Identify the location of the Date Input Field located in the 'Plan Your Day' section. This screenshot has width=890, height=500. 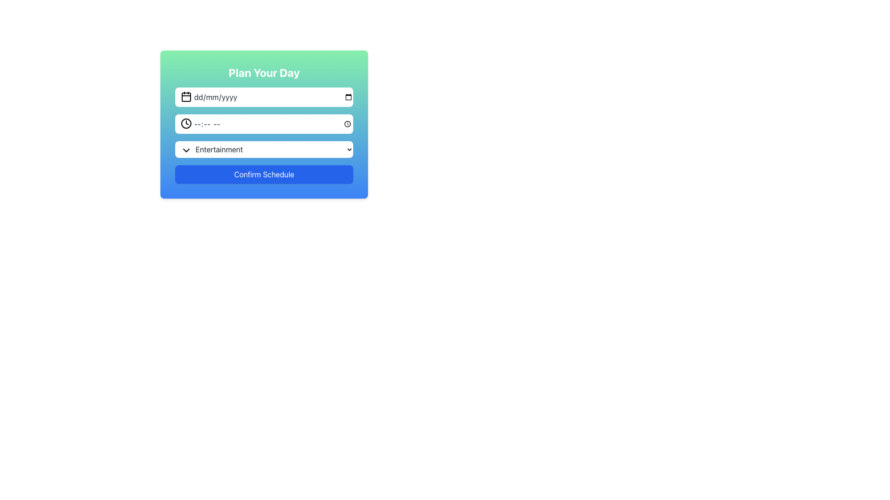
(264, 97).